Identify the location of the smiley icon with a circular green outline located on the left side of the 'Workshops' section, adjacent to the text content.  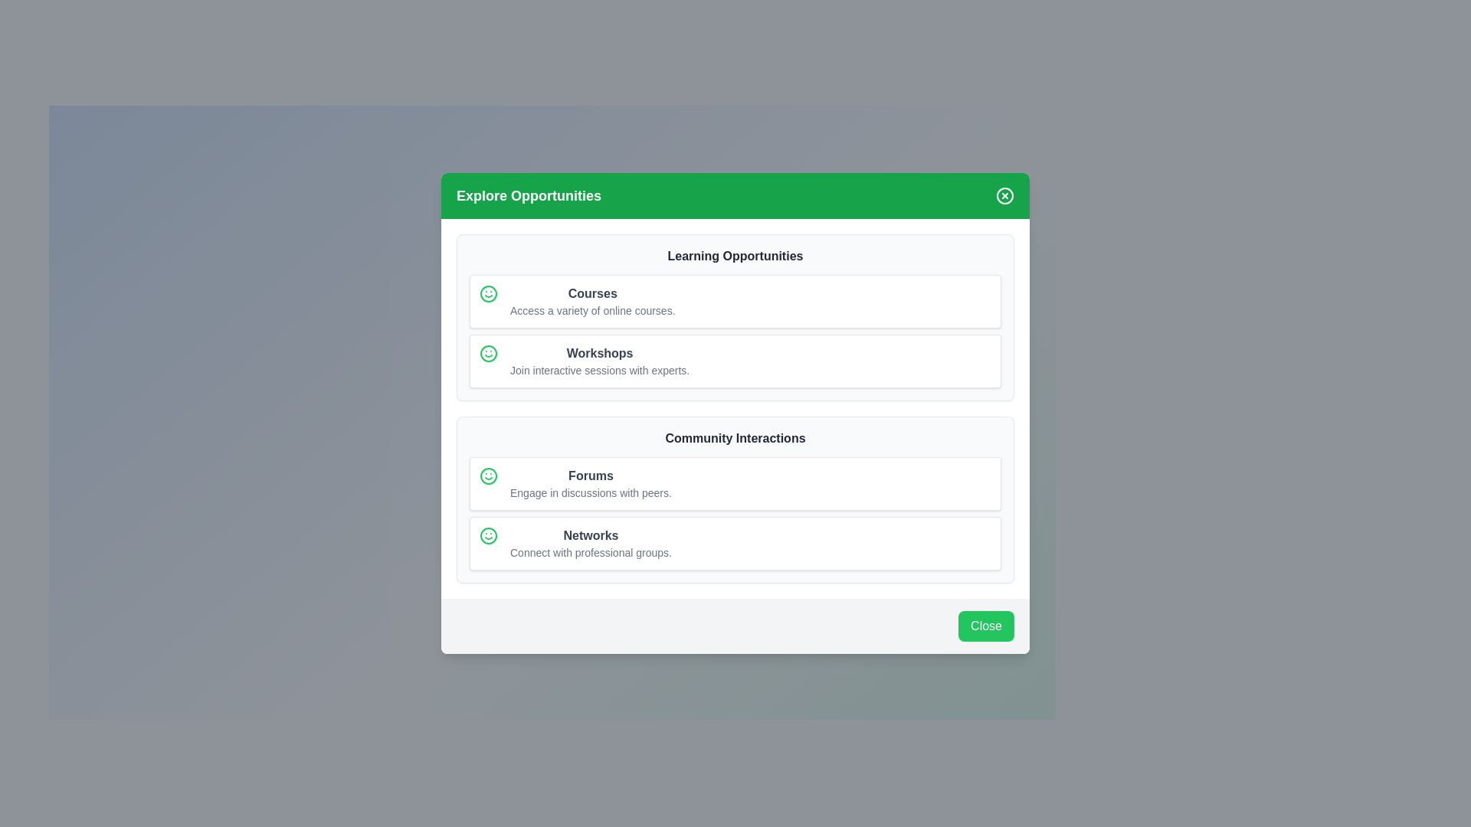
(488, 354).